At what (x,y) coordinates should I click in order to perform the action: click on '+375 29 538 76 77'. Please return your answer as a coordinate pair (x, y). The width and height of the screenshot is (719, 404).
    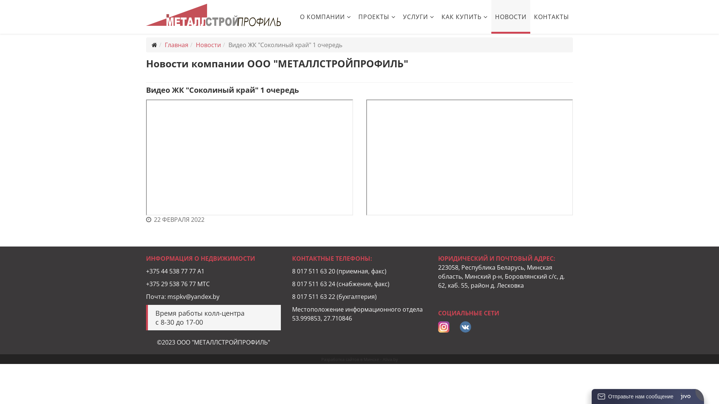
    Looking at the image, I should click on (146, 284).